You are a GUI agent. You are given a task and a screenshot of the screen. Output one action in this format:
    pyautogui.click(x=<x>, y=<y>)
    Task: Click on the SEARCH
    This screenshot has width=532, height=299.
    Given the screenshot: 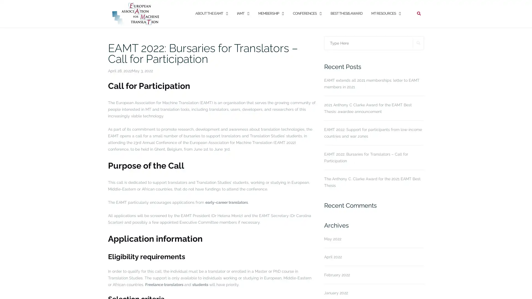 What is the action you would take?
    pyautogui.click(x=418, y=42)
    